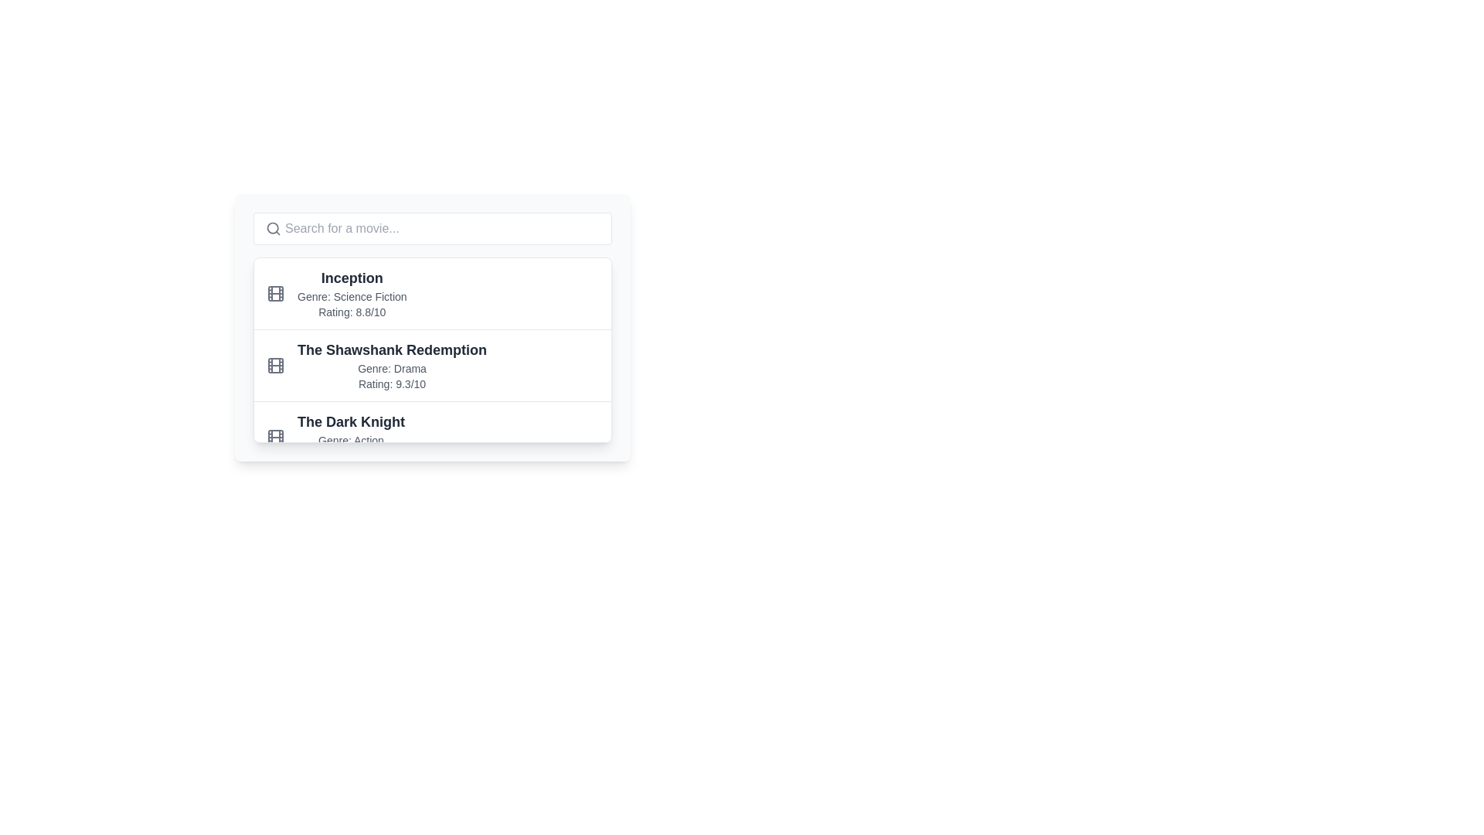 Image resolution: width=1484 pixels, height=835 pixels. What do you see at coordinates (392, 349) in the screenshot?
I see `the bolded text 'The Shawshank Redemption' which is prominently displayed above the 'Genre: Drama' and 'Rating: 9.3/10' text` at bounding box center [392, 349].